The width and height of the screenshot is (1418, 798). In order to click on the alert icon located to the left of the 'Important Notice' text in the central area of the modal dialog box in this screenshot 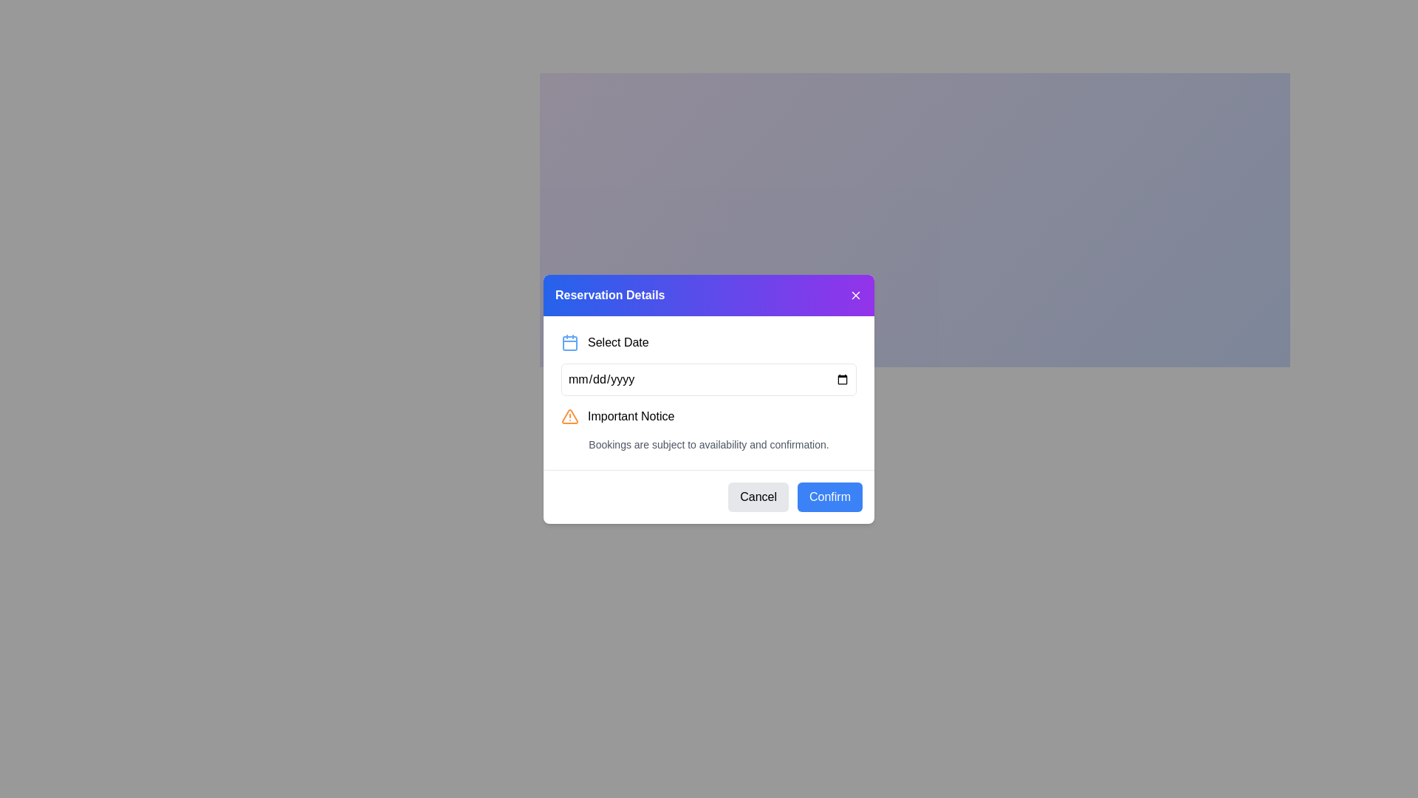, I will do `click(569, 416)`.